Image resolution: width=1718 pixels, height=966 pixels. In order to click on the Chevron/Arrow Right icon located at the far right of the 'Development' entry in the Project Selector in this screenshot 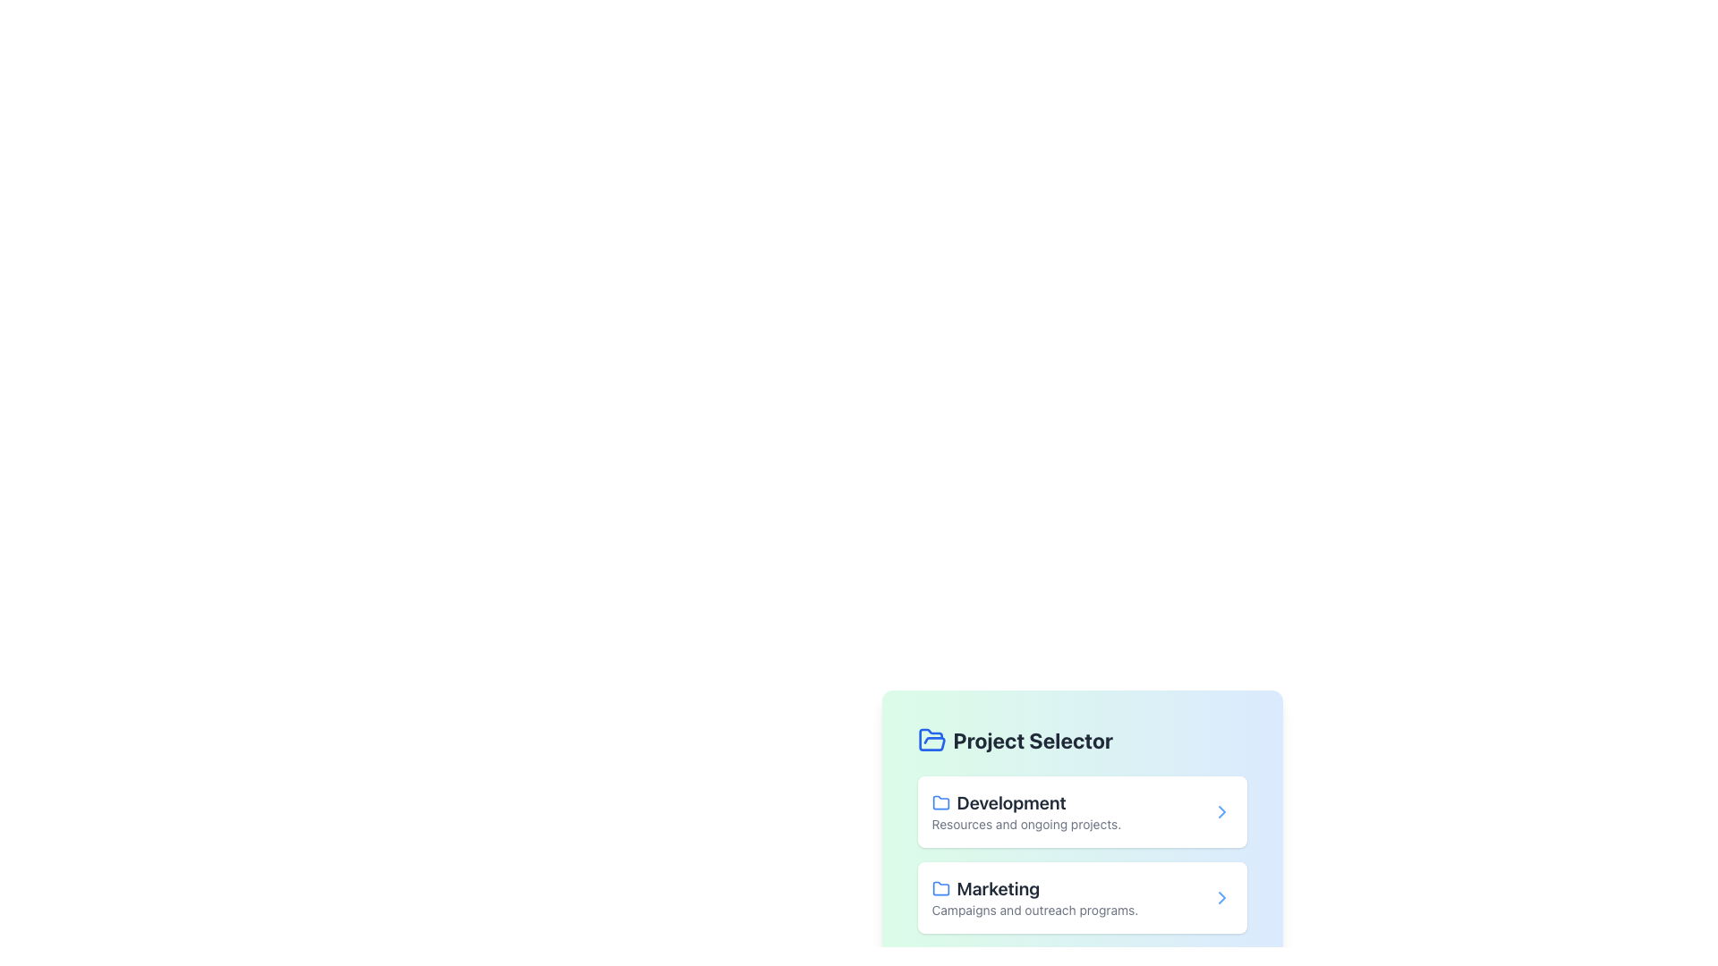, I will do `click(1220, 811)`.